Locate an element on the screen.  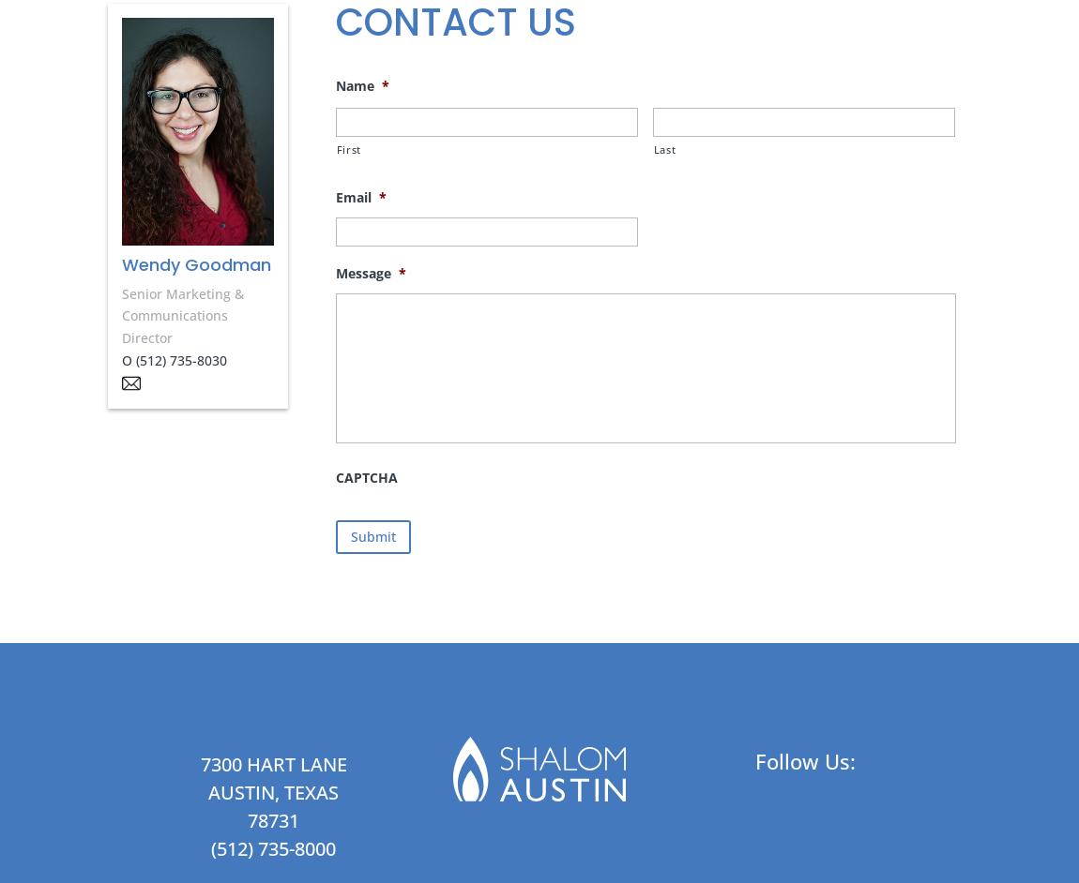
'7300 HART LANE' is located at coordinates (272, 763).